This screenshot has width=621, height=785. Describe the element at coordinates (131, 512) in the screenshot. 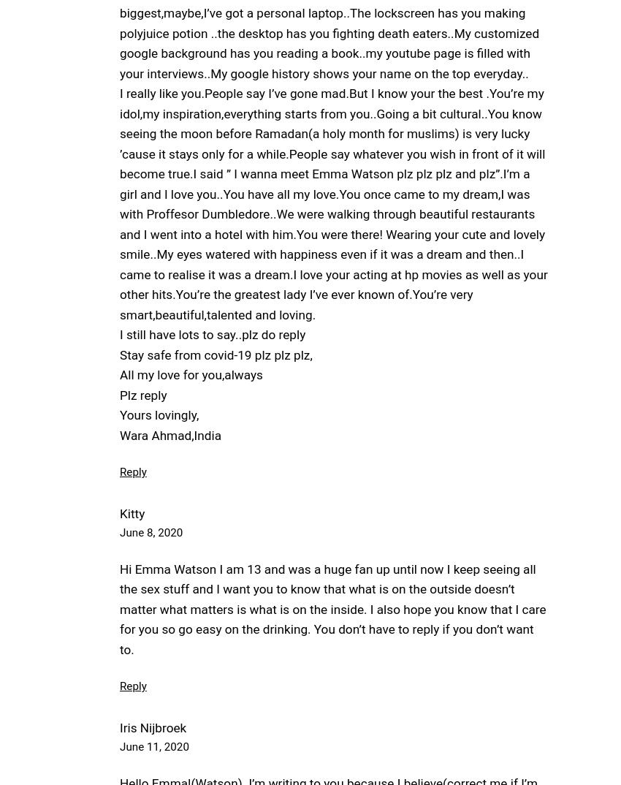

I see `'Kitty'` at that location.